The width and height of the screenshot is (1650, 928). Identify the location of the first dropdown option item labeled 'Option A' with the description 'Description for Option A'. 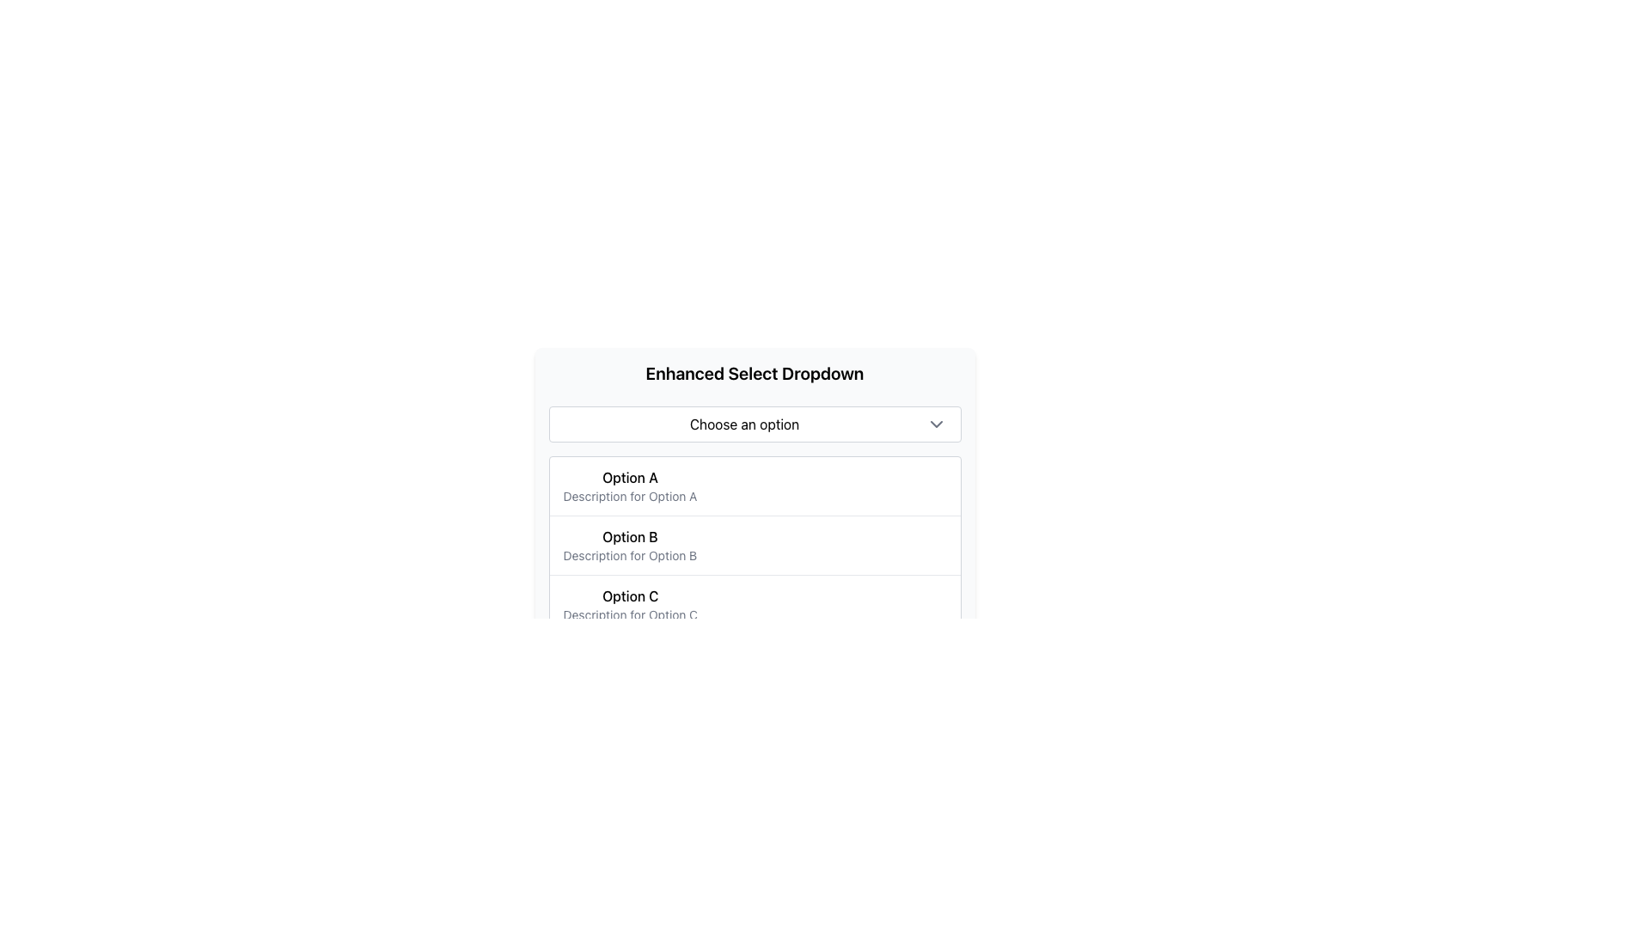
(636, 486).